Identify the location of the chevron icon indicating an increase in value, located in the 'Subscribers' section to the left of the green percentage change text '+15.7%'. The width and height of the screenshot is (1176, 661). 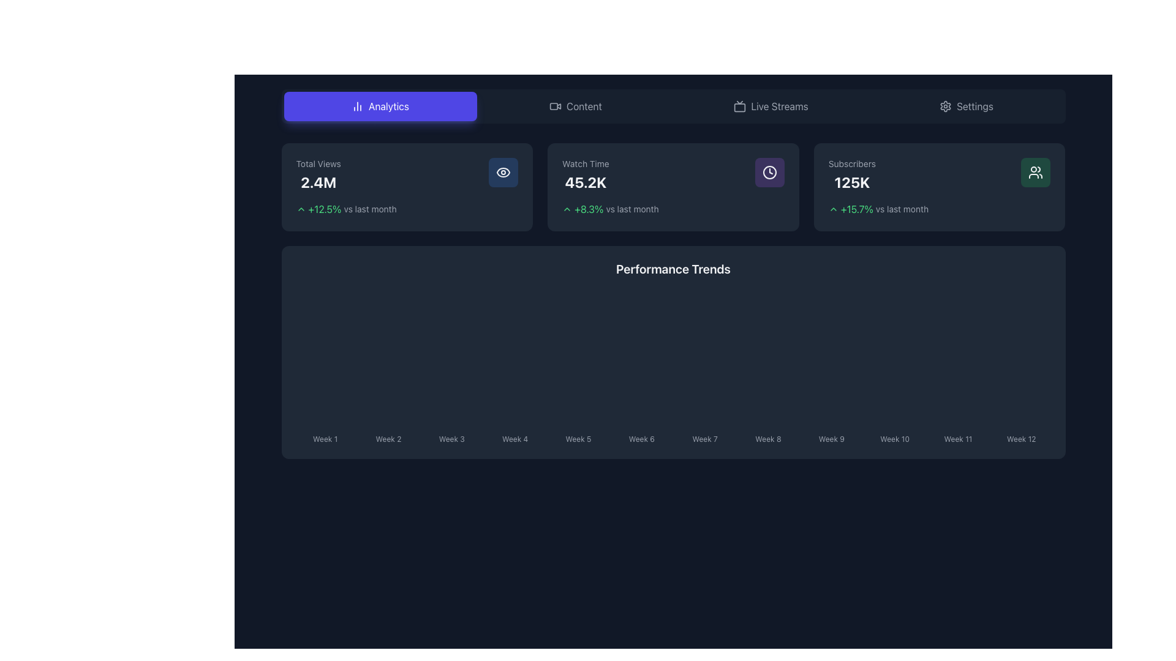
(833, 209).